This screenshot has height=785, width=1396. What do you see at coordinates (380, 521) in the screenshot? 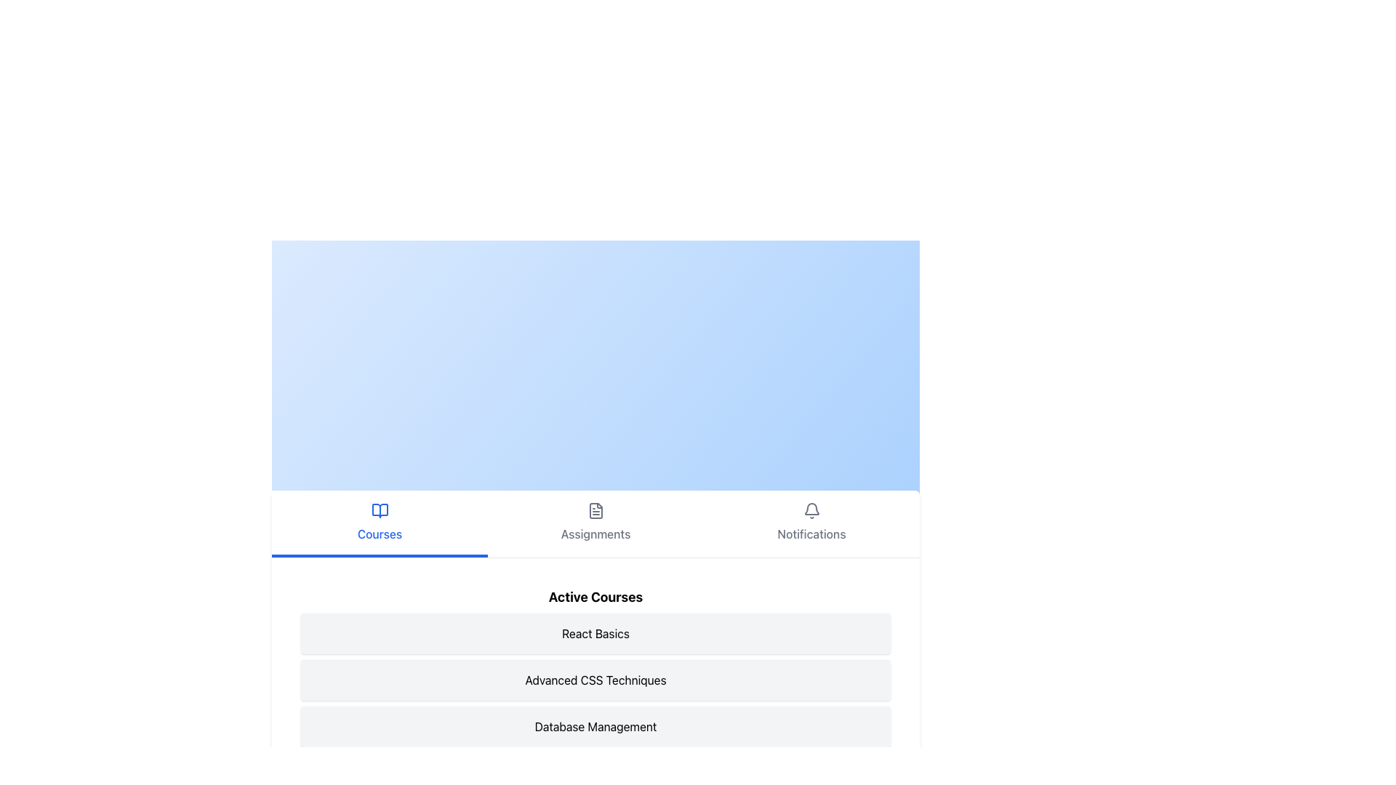
I see `the 'Courses' navigation tab located at the center of the navigation bar at the bottom of the upper section of the page` at bounding box center [380, 521].